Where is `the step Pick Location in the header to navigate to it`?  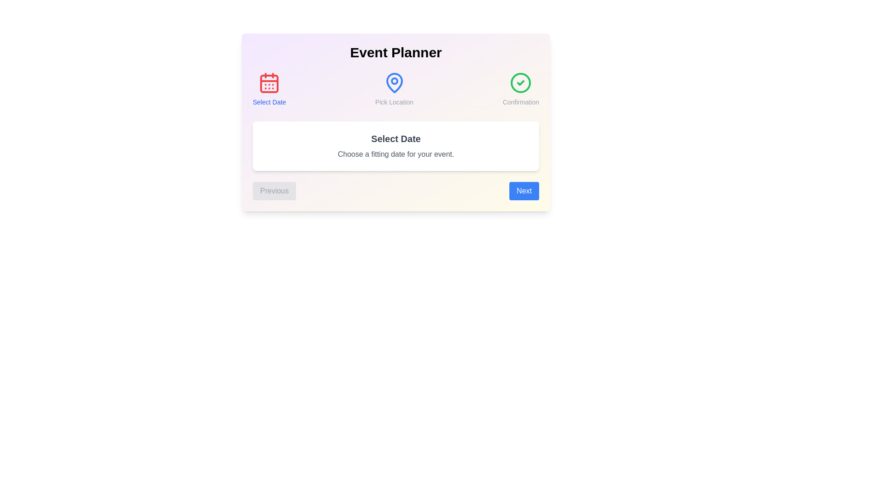 the step Pick Location in the header to navigate to it is located at coordinates (394, 89).